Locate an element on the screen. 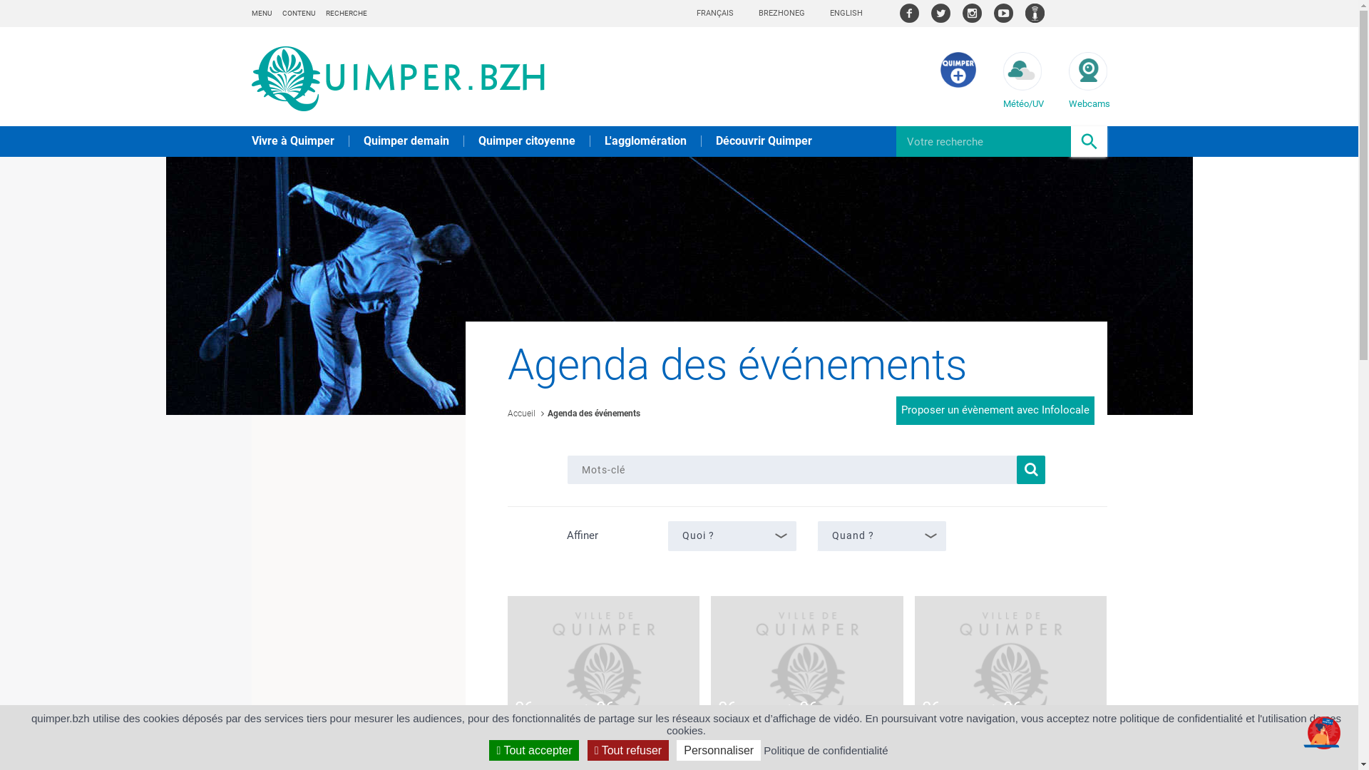 The image size is (1369, 770). 'YOUTUBE' is located at coordinates (993, 13).